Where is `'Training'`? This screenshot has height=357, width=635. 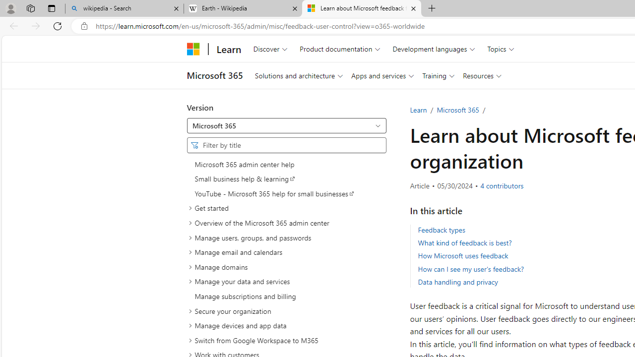
'Training' is located at coordinates (438, 75).